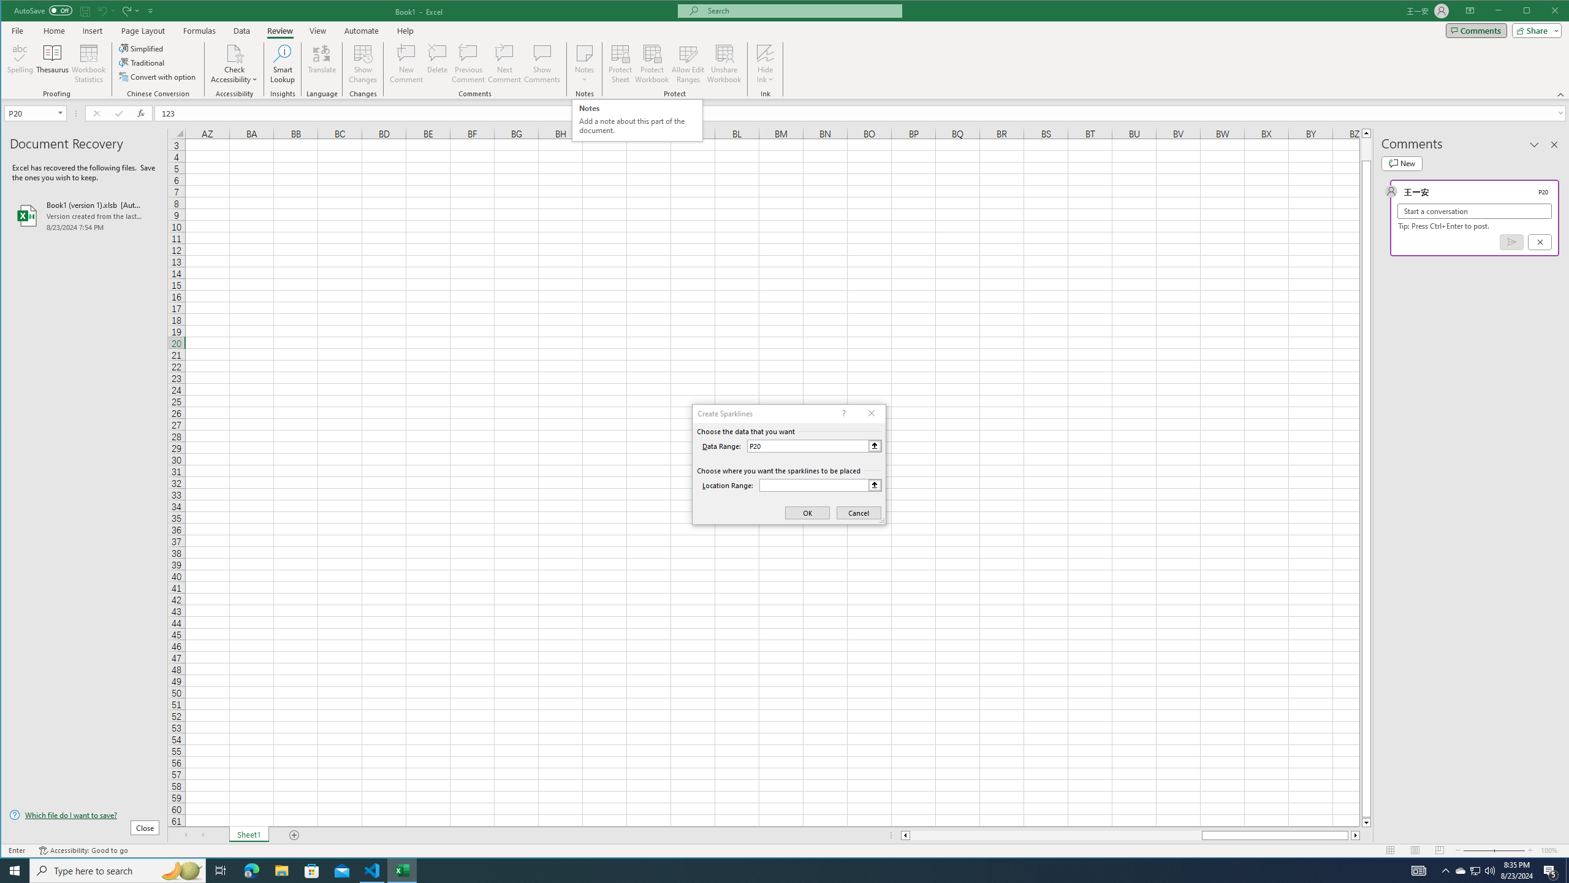 The height and width of the screenshot is (883, 1569). Describe the element at coordinates (1494, 850) in the screenshot. I see `'Zoom'` at that location.